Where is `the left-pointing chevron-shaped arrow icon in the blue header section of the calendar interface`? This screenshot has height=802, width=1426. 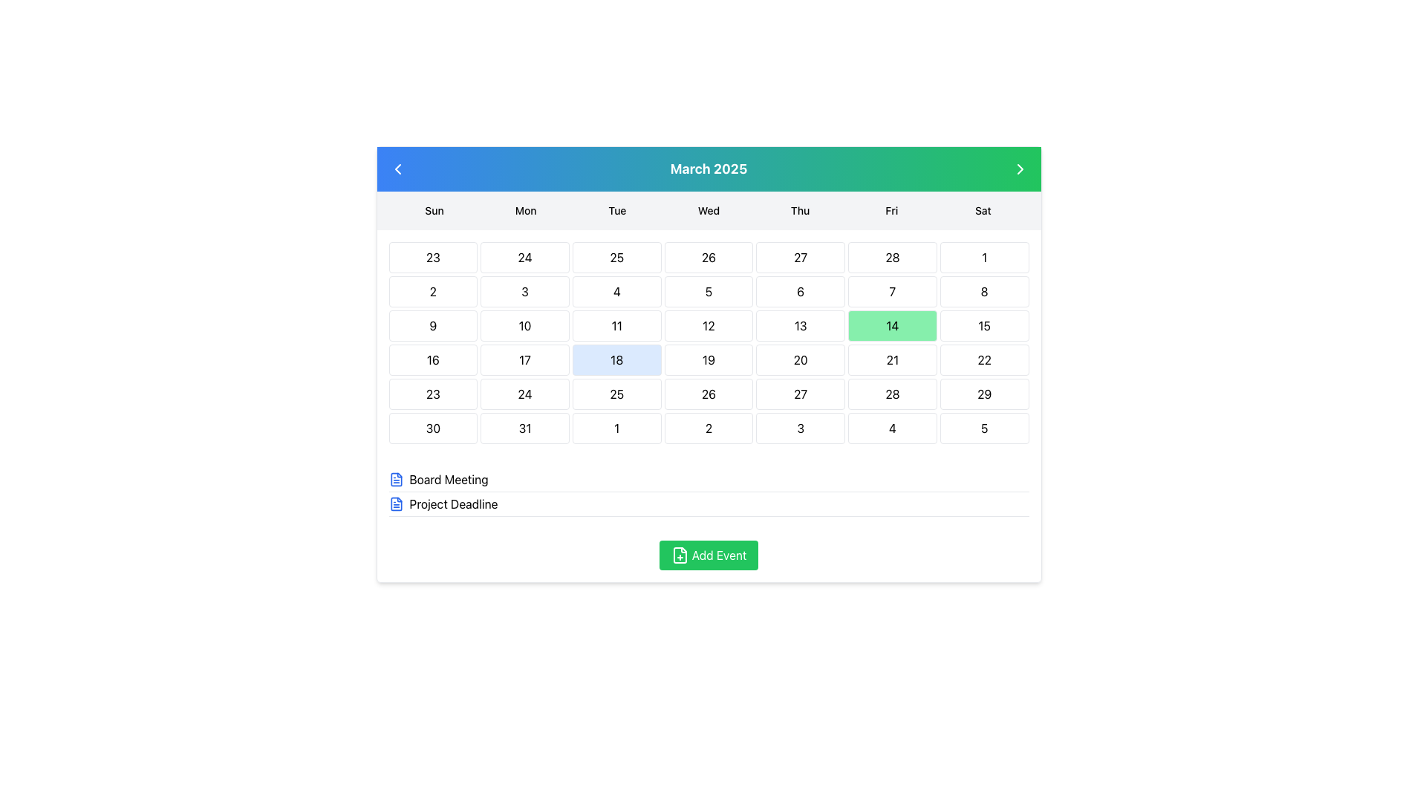 the left-pointing chevron-shaped arrow icon in the blue header section of the calendar interface is located at coordinates (397, 168).